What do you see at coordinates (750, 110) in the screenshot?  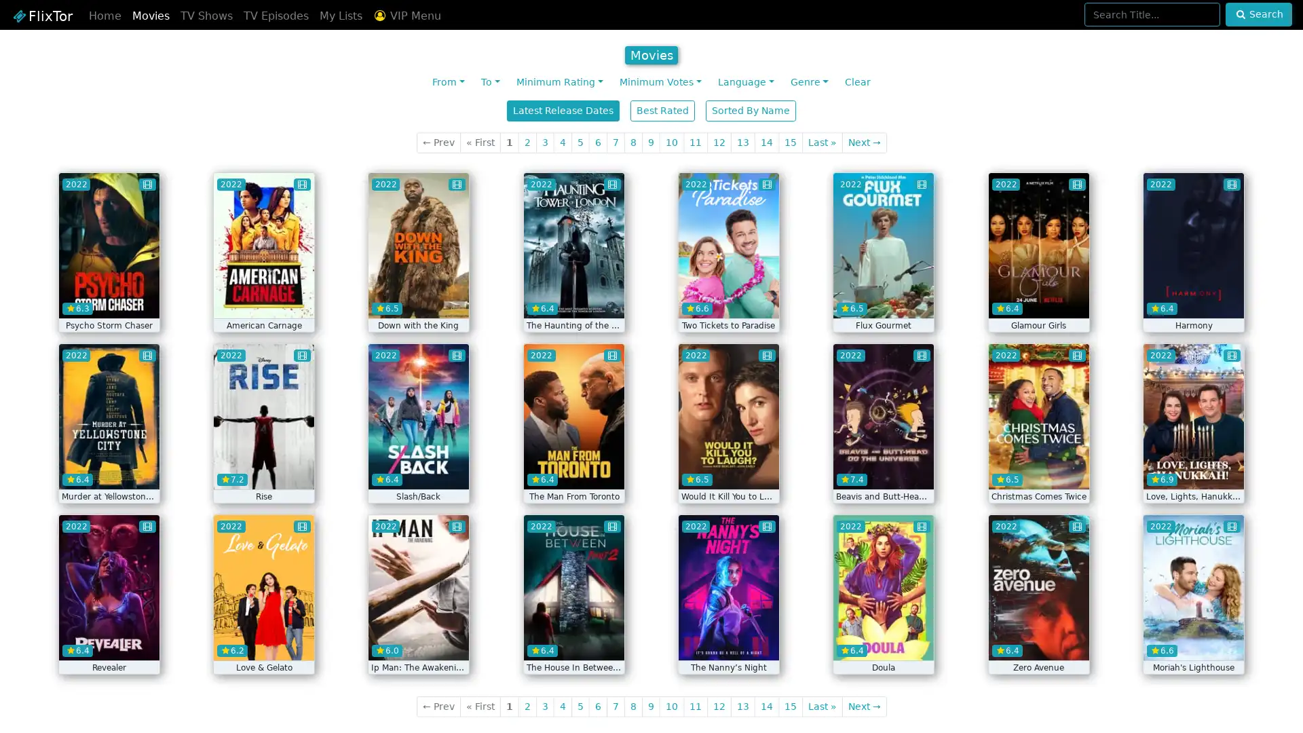 I see `Sorted By Name` at bounding box center [750, 110].